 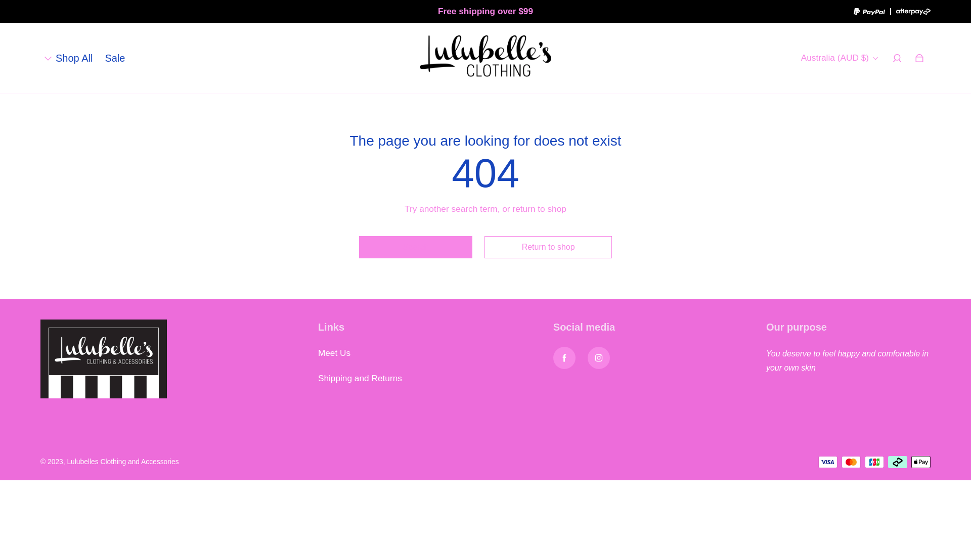 I want to click on 'Australia (AUD $)', so click(x=840, y=58).